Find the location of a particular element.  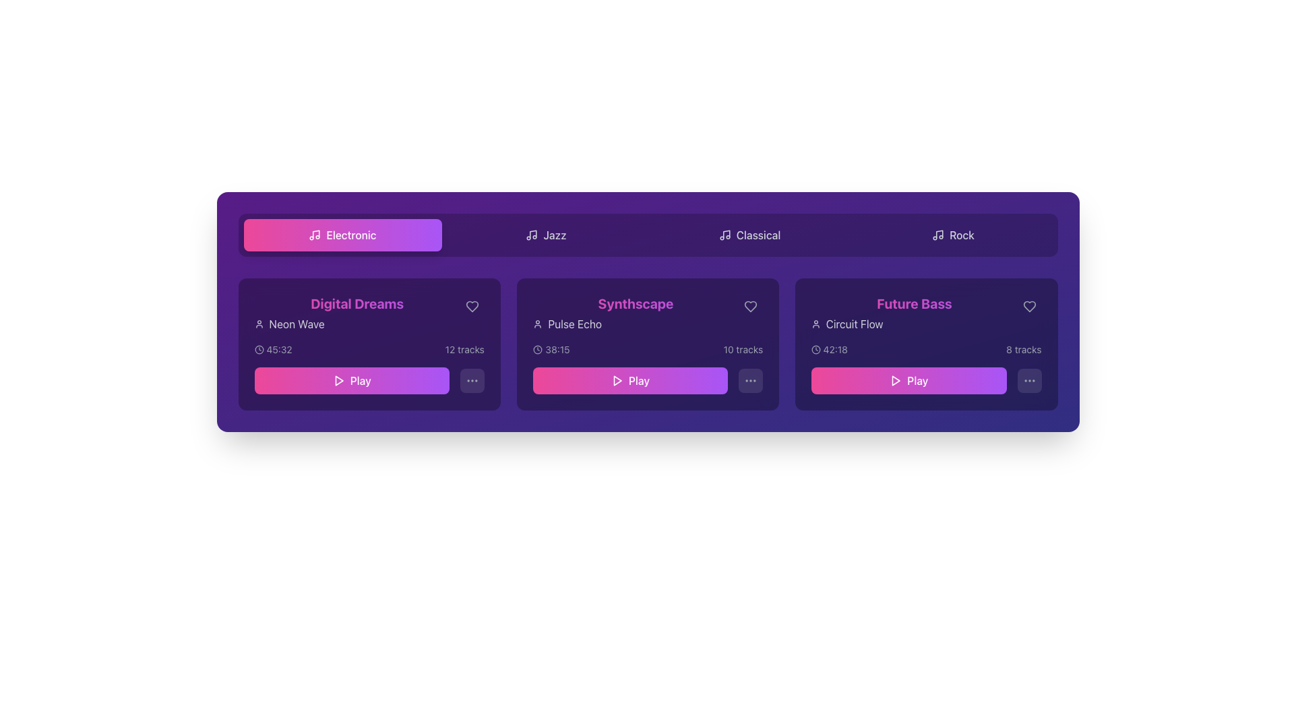

the play icon represented by the triangle within the 'Digital Dreams' card, located to the left of the 'Play' button is located at coordinates (339, 380).